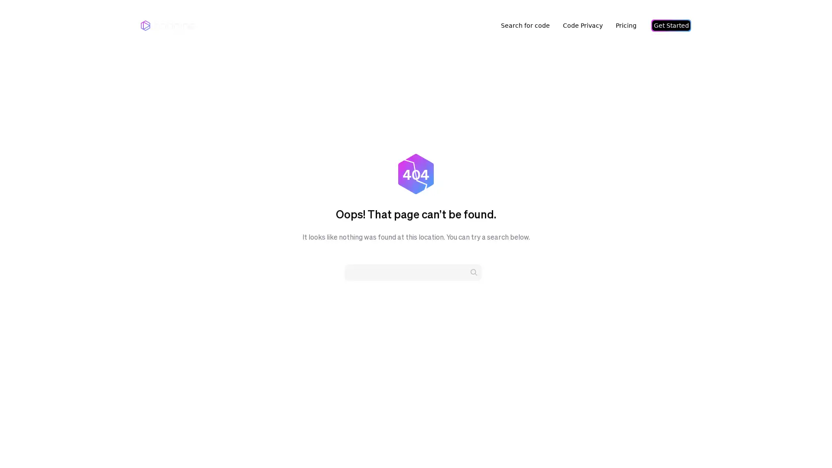 The height and width of the screenshot is (468, 832). I want to click on Dismiss Message, so click(786, 435).